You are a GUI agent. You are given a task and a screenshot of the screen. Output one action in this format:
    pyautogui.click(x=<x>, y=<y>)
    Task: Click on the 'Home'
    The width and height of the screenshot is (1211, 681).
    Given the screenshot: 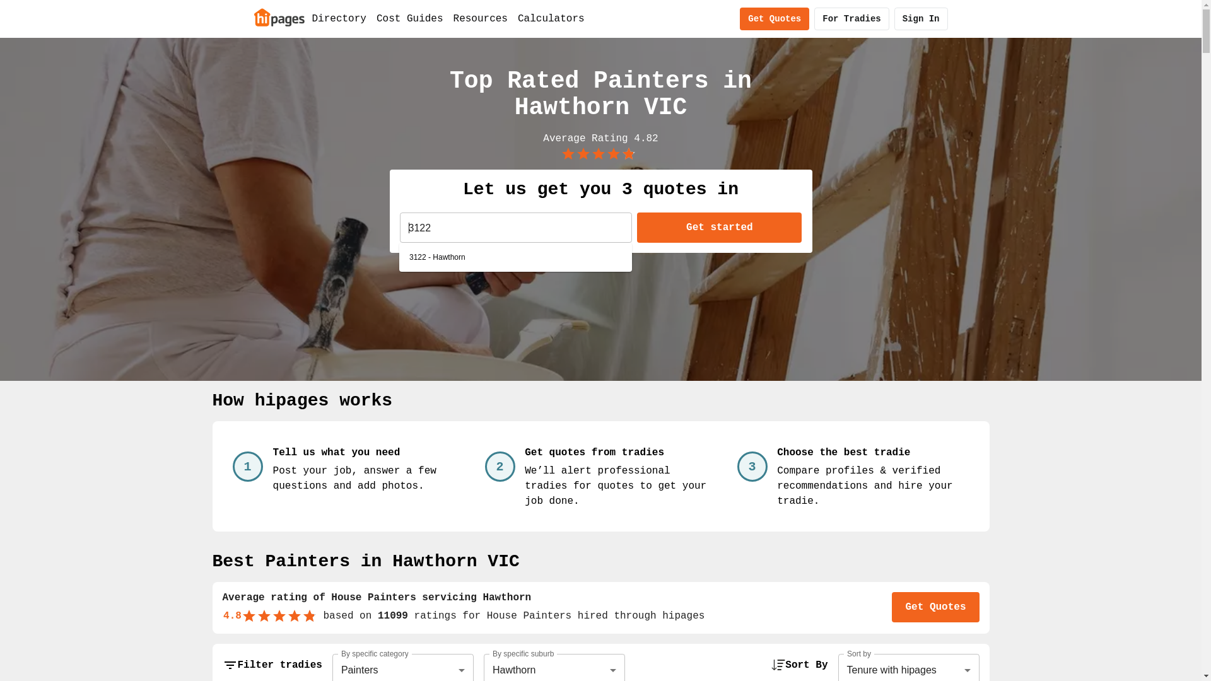 What is the action you would take?
    pyautogui.click(x=278, y=17)
    